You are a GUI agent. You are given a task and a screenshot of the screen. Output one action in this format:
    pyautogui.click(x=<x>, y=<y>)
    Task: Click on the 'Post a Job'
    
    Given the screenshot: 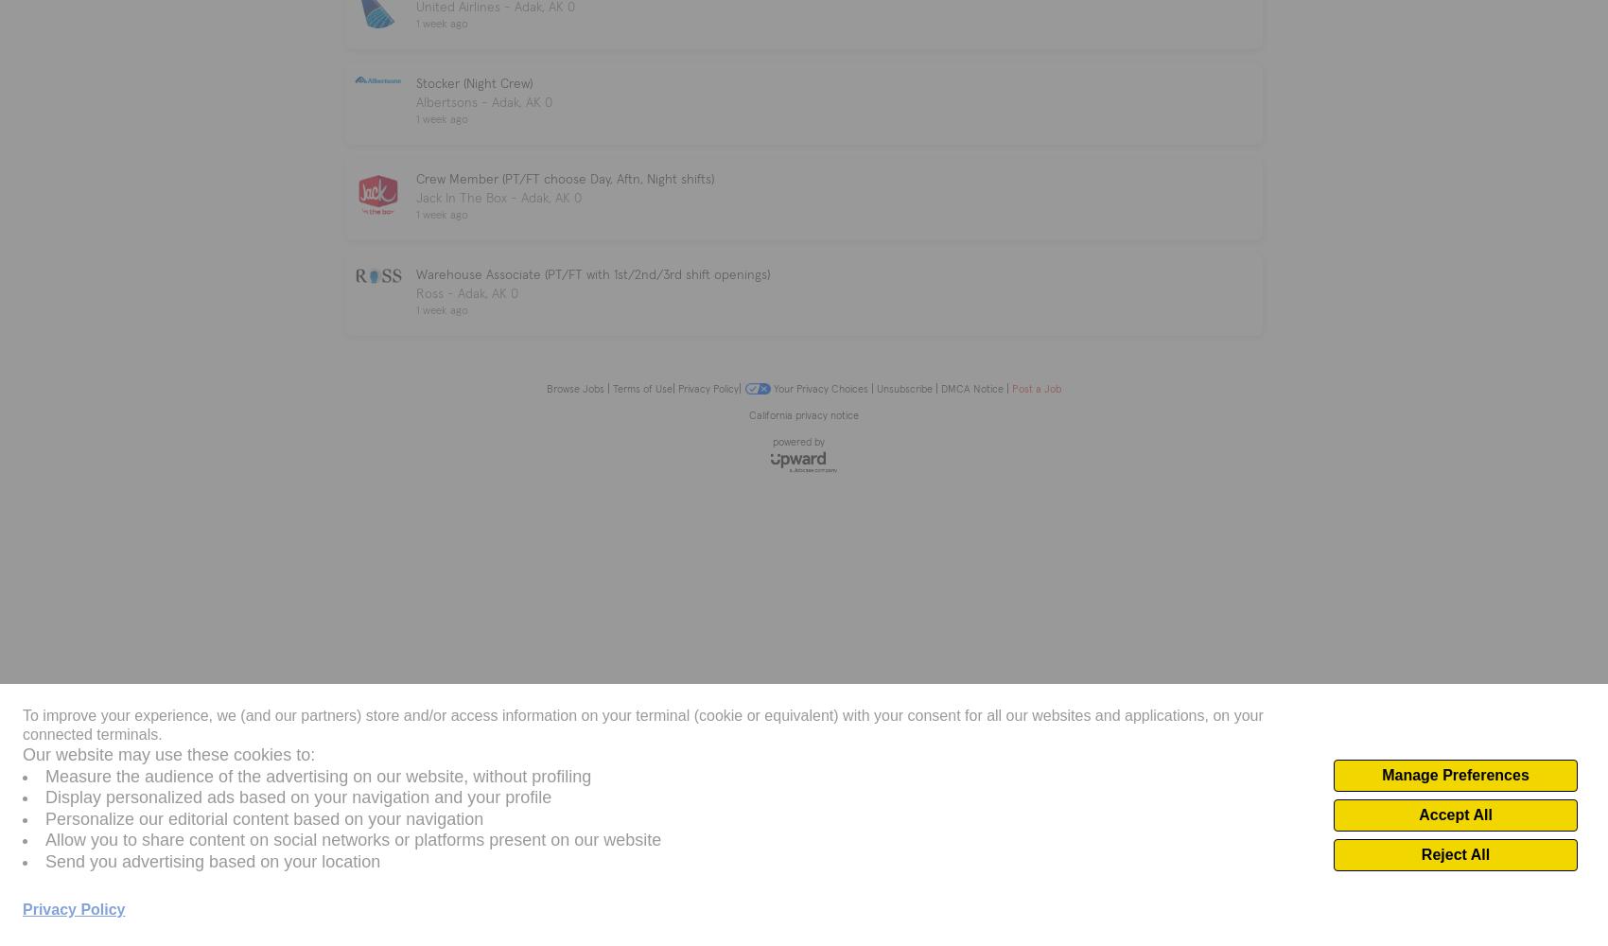 What is the action you would take?
    pyautogui.click(x=1034, y=388)
    